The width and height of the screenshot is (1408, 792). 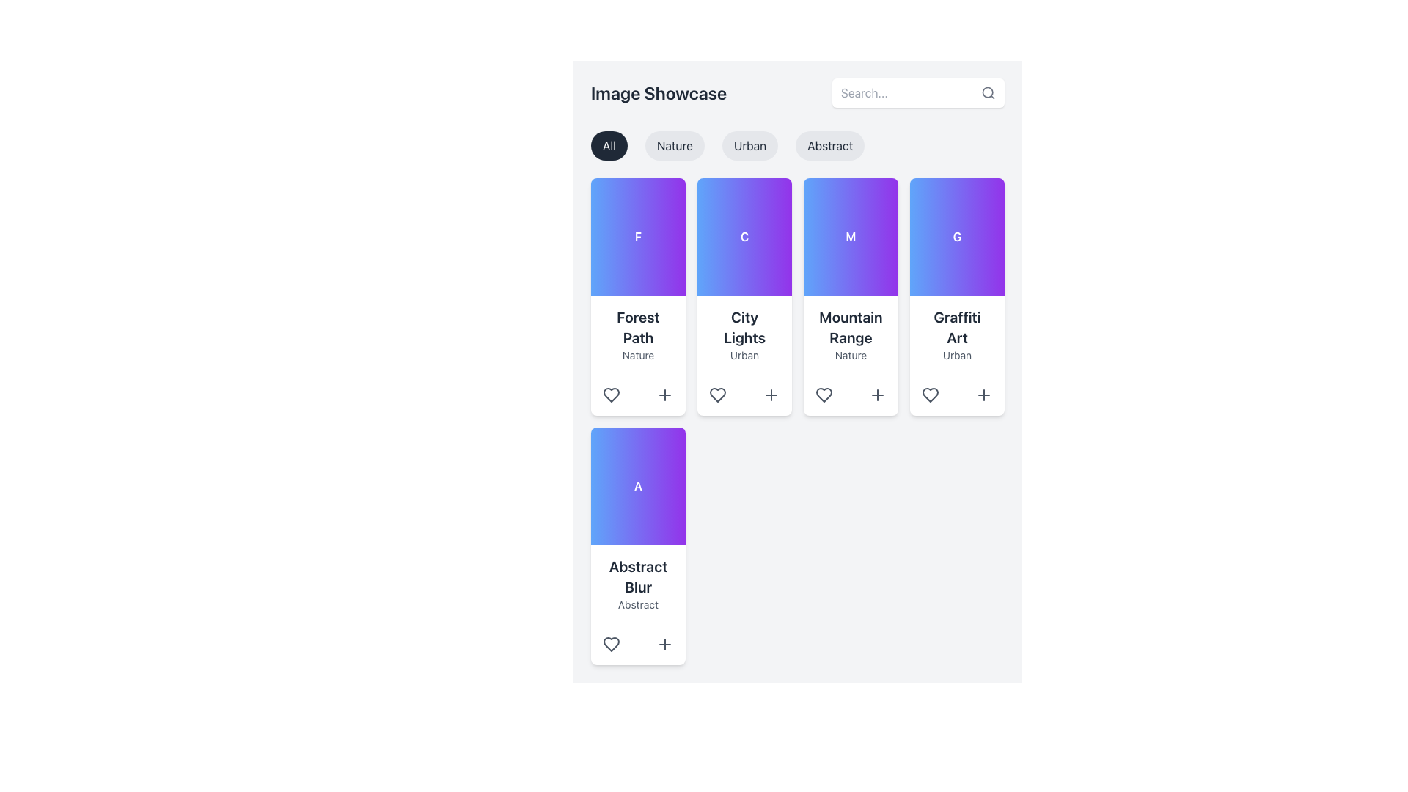 What do you see at coordinates (851, 236) in the screenshot?
I see `the visual placeholder graphic for the 'Mountain Range' card, located in the upper part of the card layout with the title 'Mountain Range' and subtitle 'Nature'` at bounding box center [851, 236].